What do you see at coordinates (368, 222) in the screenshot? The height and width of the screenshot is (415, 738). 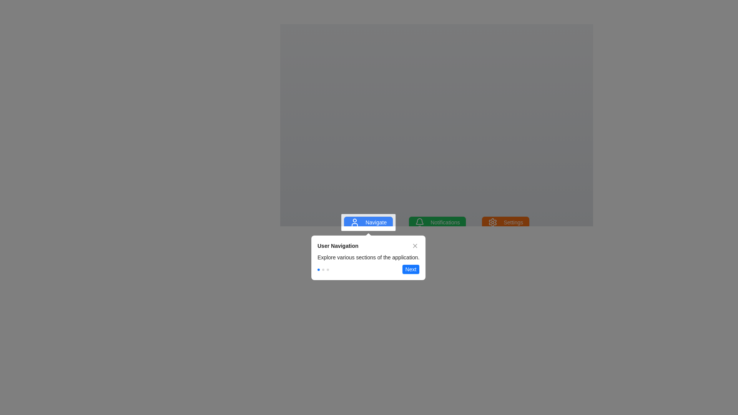 I see `the first navigation button located at the bottom center of the interface` at bounding box center [368, 222].